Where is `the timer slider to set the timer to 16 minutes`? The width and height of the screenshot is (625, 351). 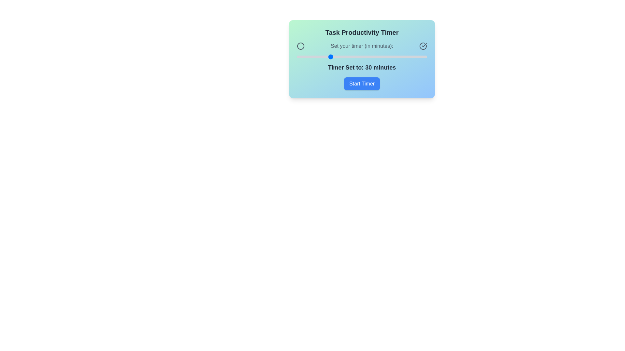
the timer slider to set the timer to 16 minutes is located at coordinates (306, 56).